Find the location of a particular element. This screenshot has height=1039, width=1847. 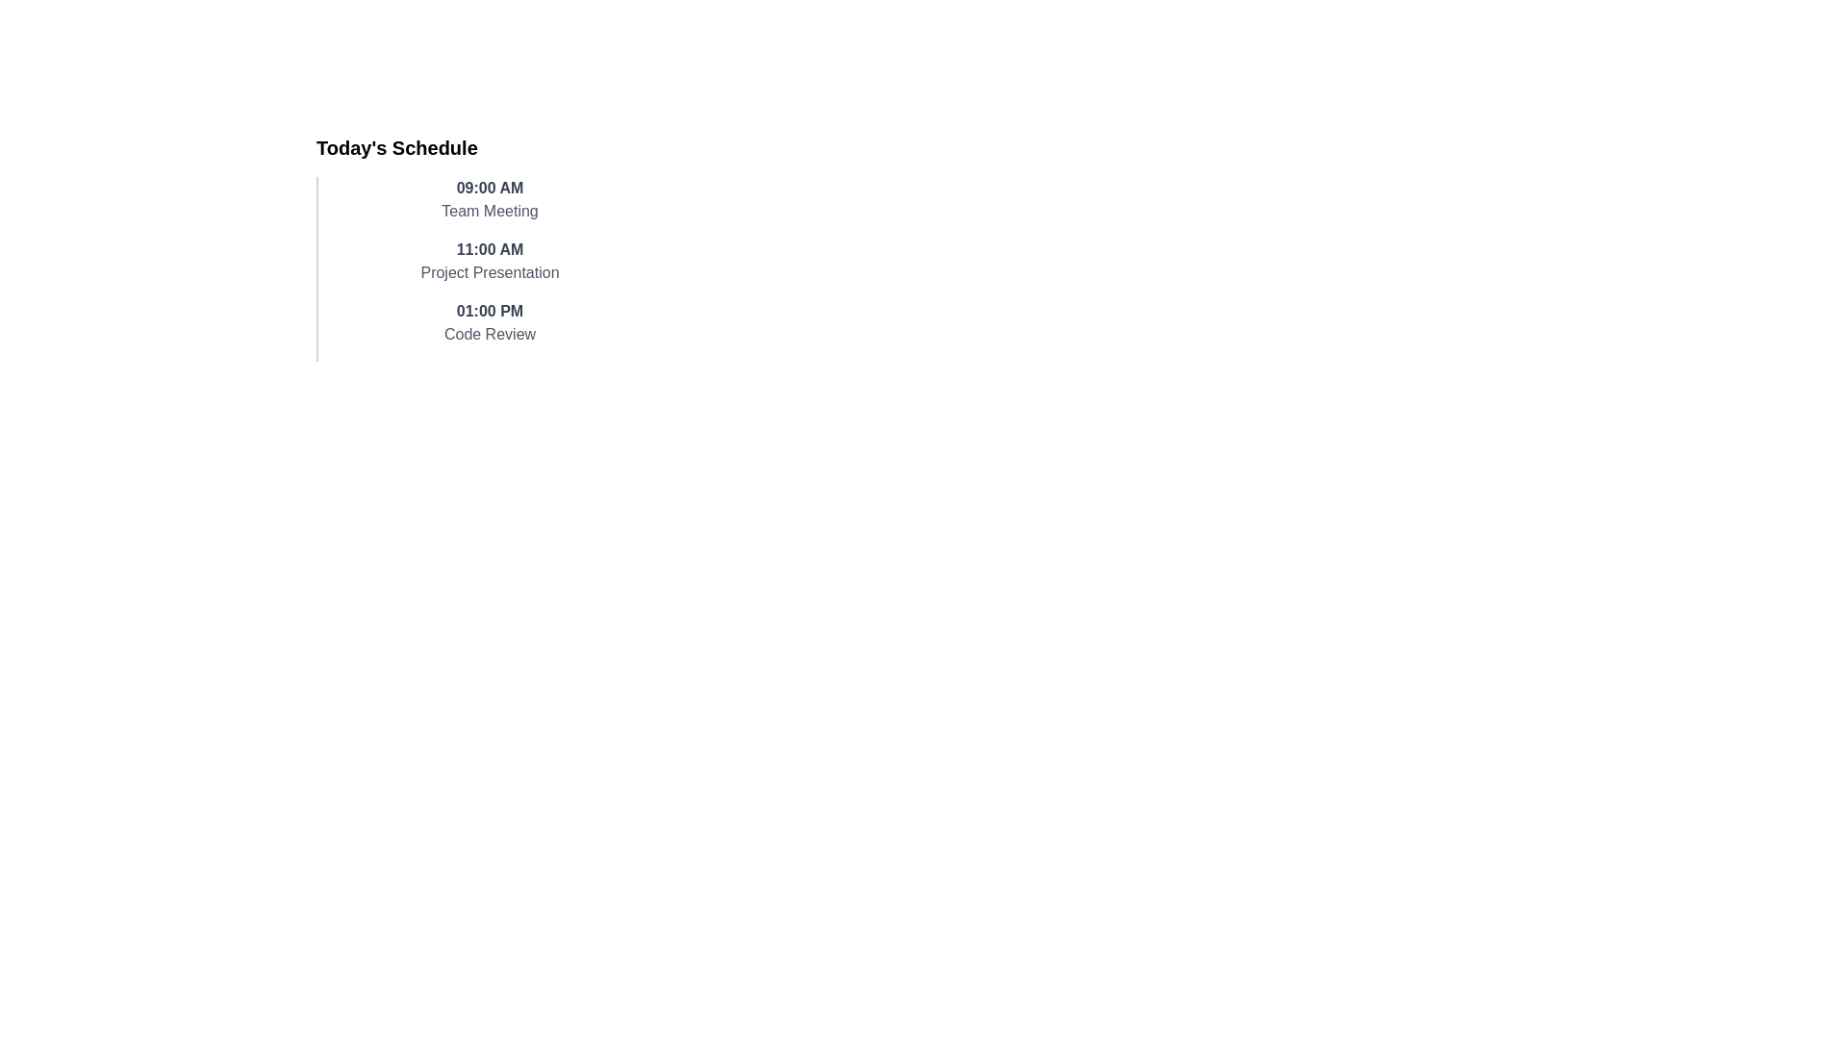

the Text Label indicating 'Code Review' associated with the '01:00 PM' time slot in the 'Today's Schedule.' is located at coordinates (490, 333).